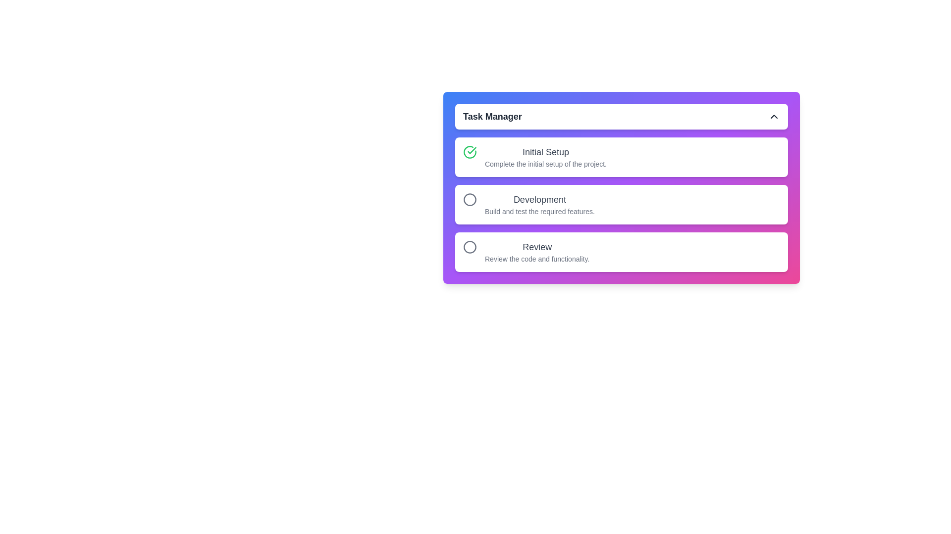  I want to click on toggle button in the header to expand or collapse the task list, so click(774, 116).